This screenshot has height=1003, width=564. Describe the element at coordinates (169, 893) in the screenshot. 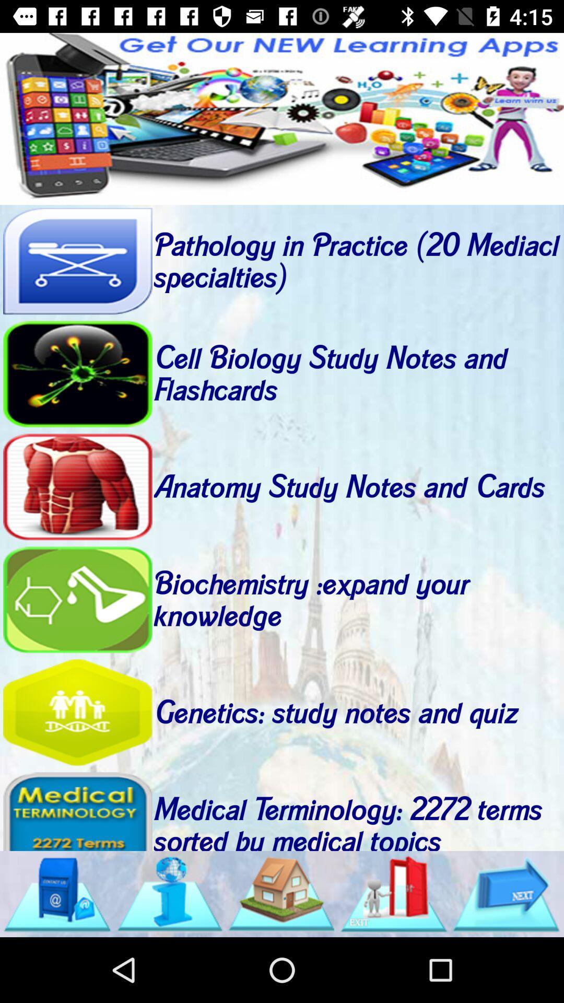

I see `shows information` at that location.